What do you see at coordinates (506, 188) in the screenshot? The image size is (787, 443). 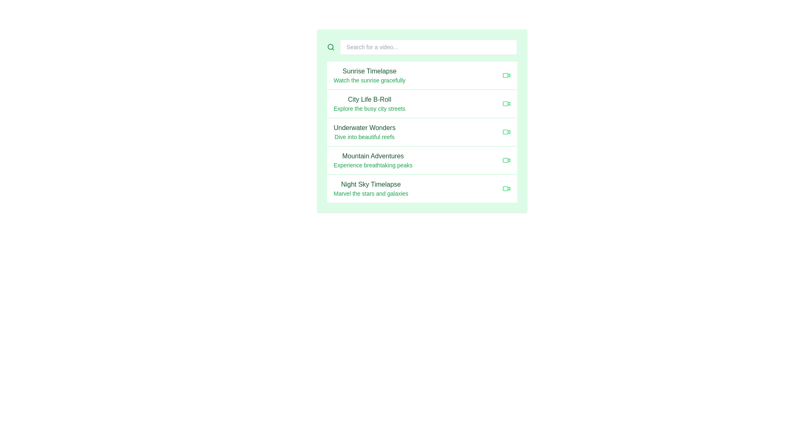 I see `the green video camera icon located at the far right end of the row containing the title 'Night Sky Timelapse' and the description 'Marvel the stars and galaxies.'` at bounding box center [506, 188].